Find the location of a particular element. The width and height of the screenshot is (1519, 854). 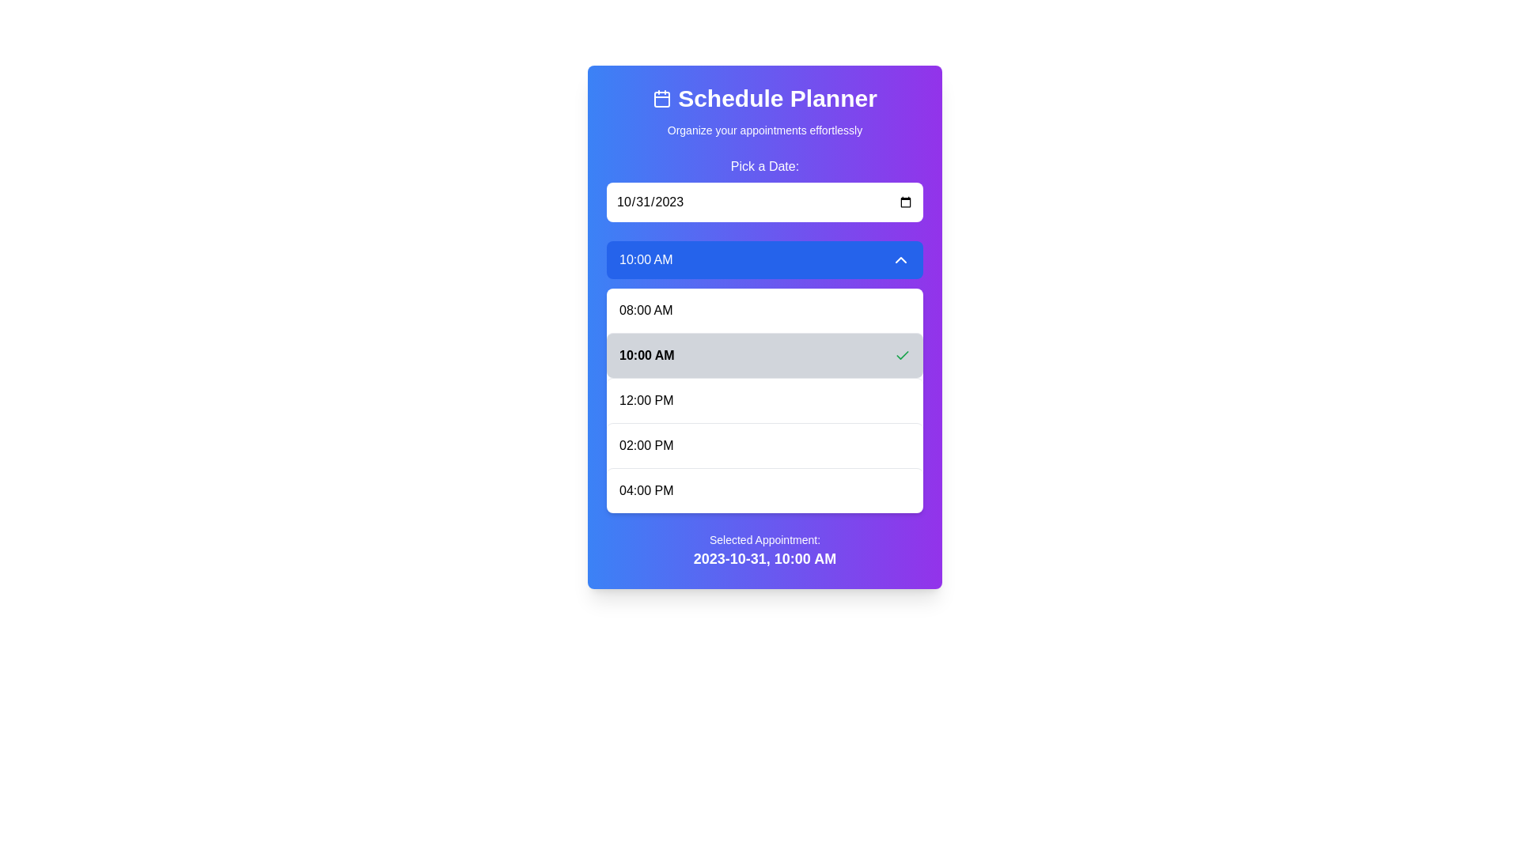

the visual indication of the green checkmark icon located at the right end of the button labeled '10:00 AM' is located at coordinates (903, 356).